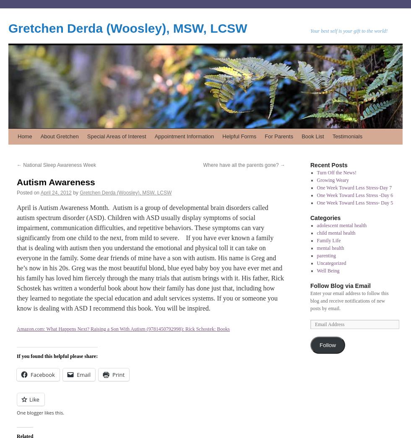 This screenshot has width=411, height=438. I want to click on 'parenting', so click(326, 255).